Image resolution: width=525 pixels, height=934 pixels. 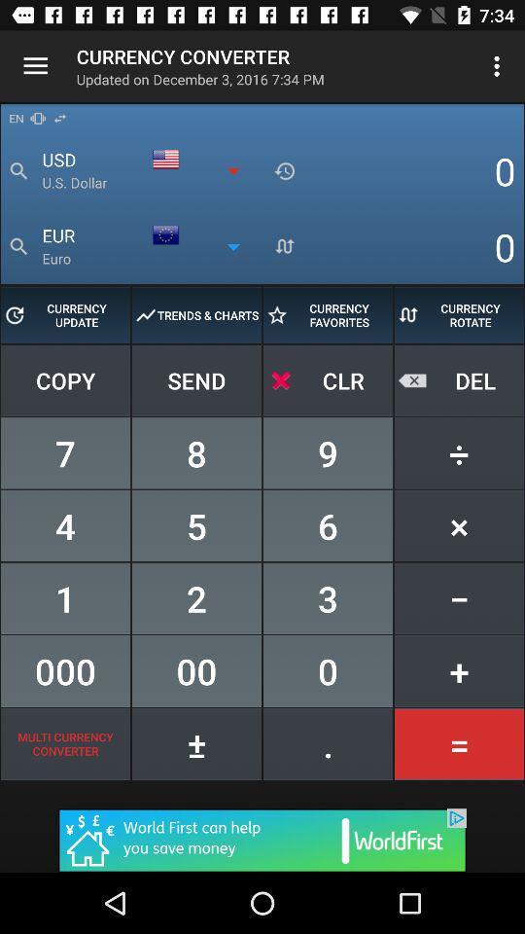 I want to click on 5, so click(x=196, y=524).